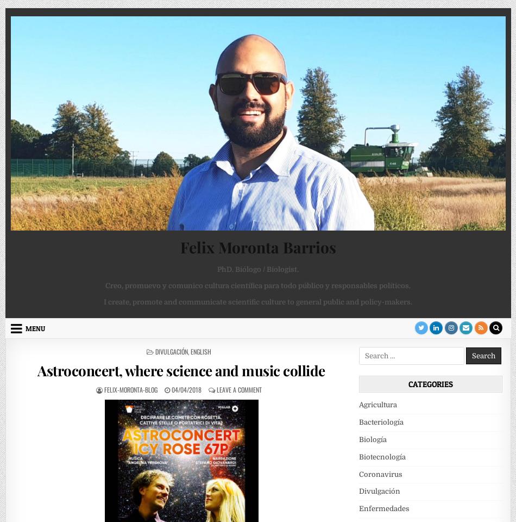  Describe the element at coordinates (129, 389) in the screenshot. I see `'felix-moronta-blog'` at that location.